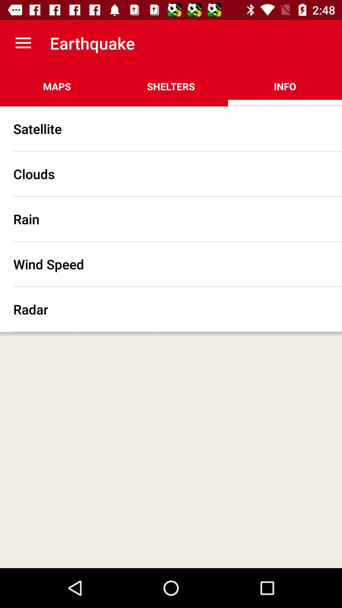 This screenshot has width=342, height=608. Describe the element at coordinates (284, 86) in the screenshot. I see `the item next to shelters` at that location.